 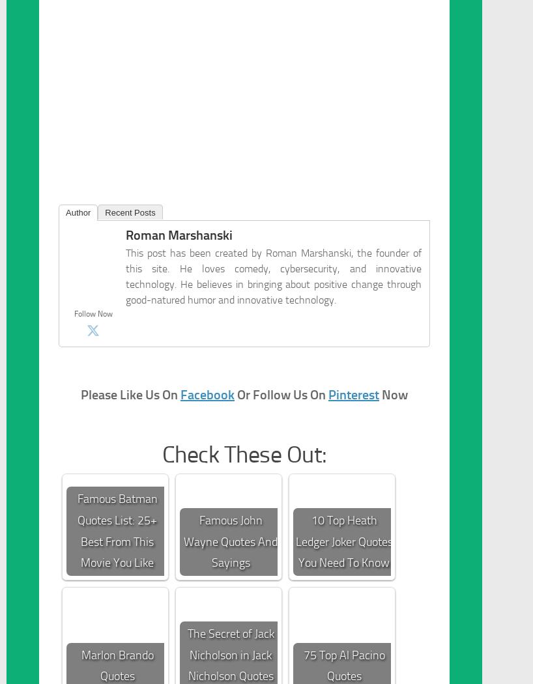 What do you see at coordinates (244, 455) in the screenshot?
I see `'Check These Out:'` at bounding box center [244, 455].